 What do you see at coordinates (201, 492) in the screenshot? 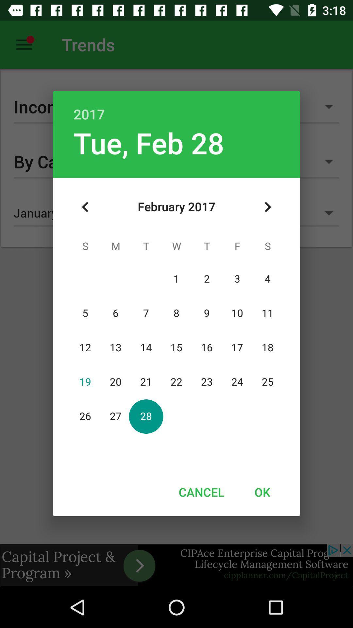
I see `the cancel icon` at bounding box center [201, 492].